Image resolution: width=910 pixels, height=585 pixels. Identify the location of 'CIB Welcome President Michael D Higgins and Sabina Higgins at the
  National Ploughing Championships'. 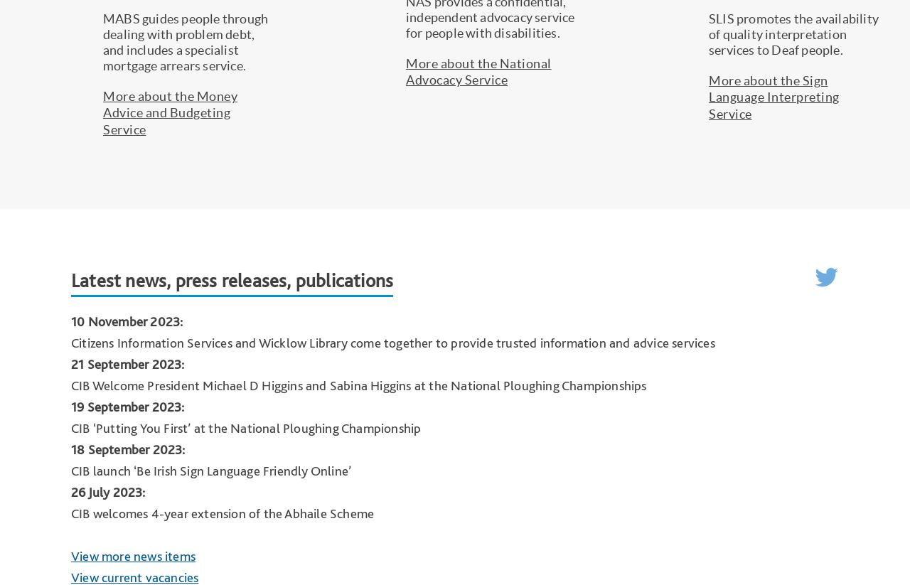
(358, 384).